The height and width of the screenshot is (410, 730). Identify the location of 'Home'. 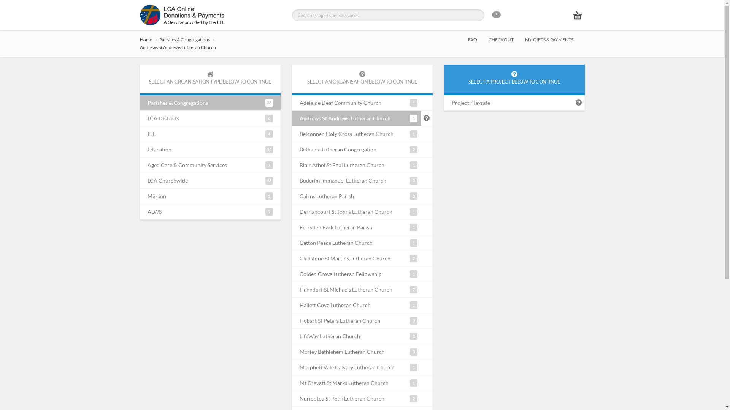
(149, 39).